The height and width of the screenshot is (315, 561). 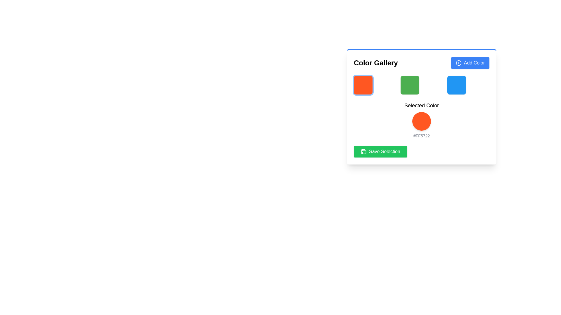 What do you see at coordinates (422, 85) in the screenshot?
I see `an individual color square in the Color Gallery grid layout` at bounding box center [422, 85].